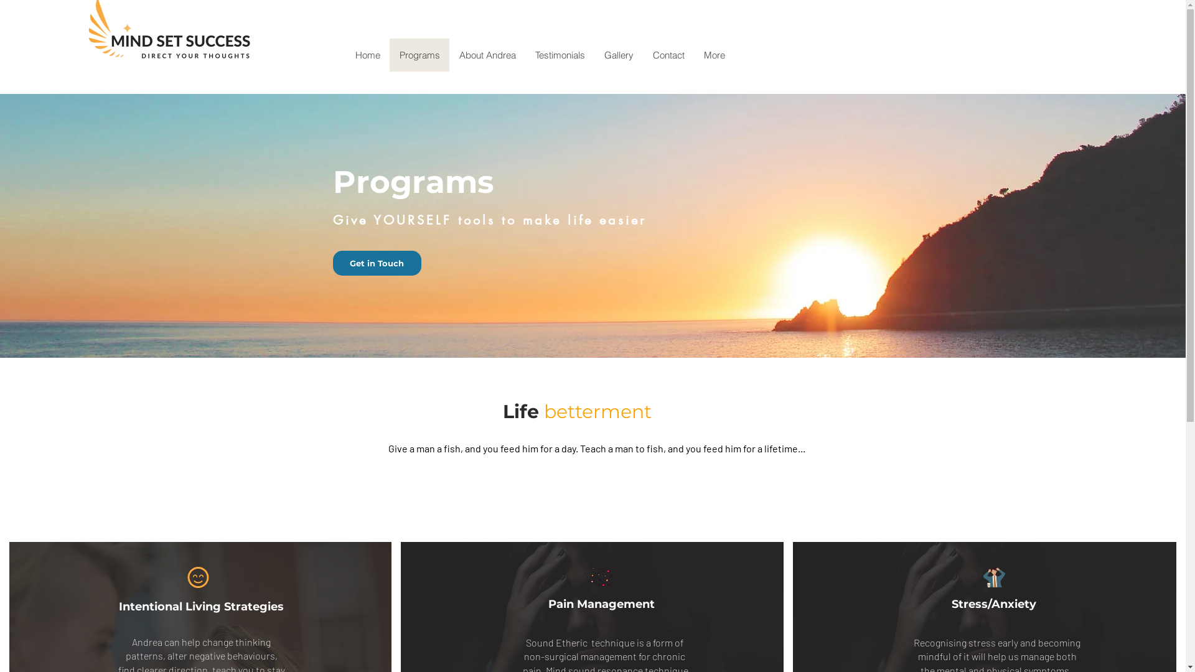  I want to click on 'Programs', so click(419, 54).